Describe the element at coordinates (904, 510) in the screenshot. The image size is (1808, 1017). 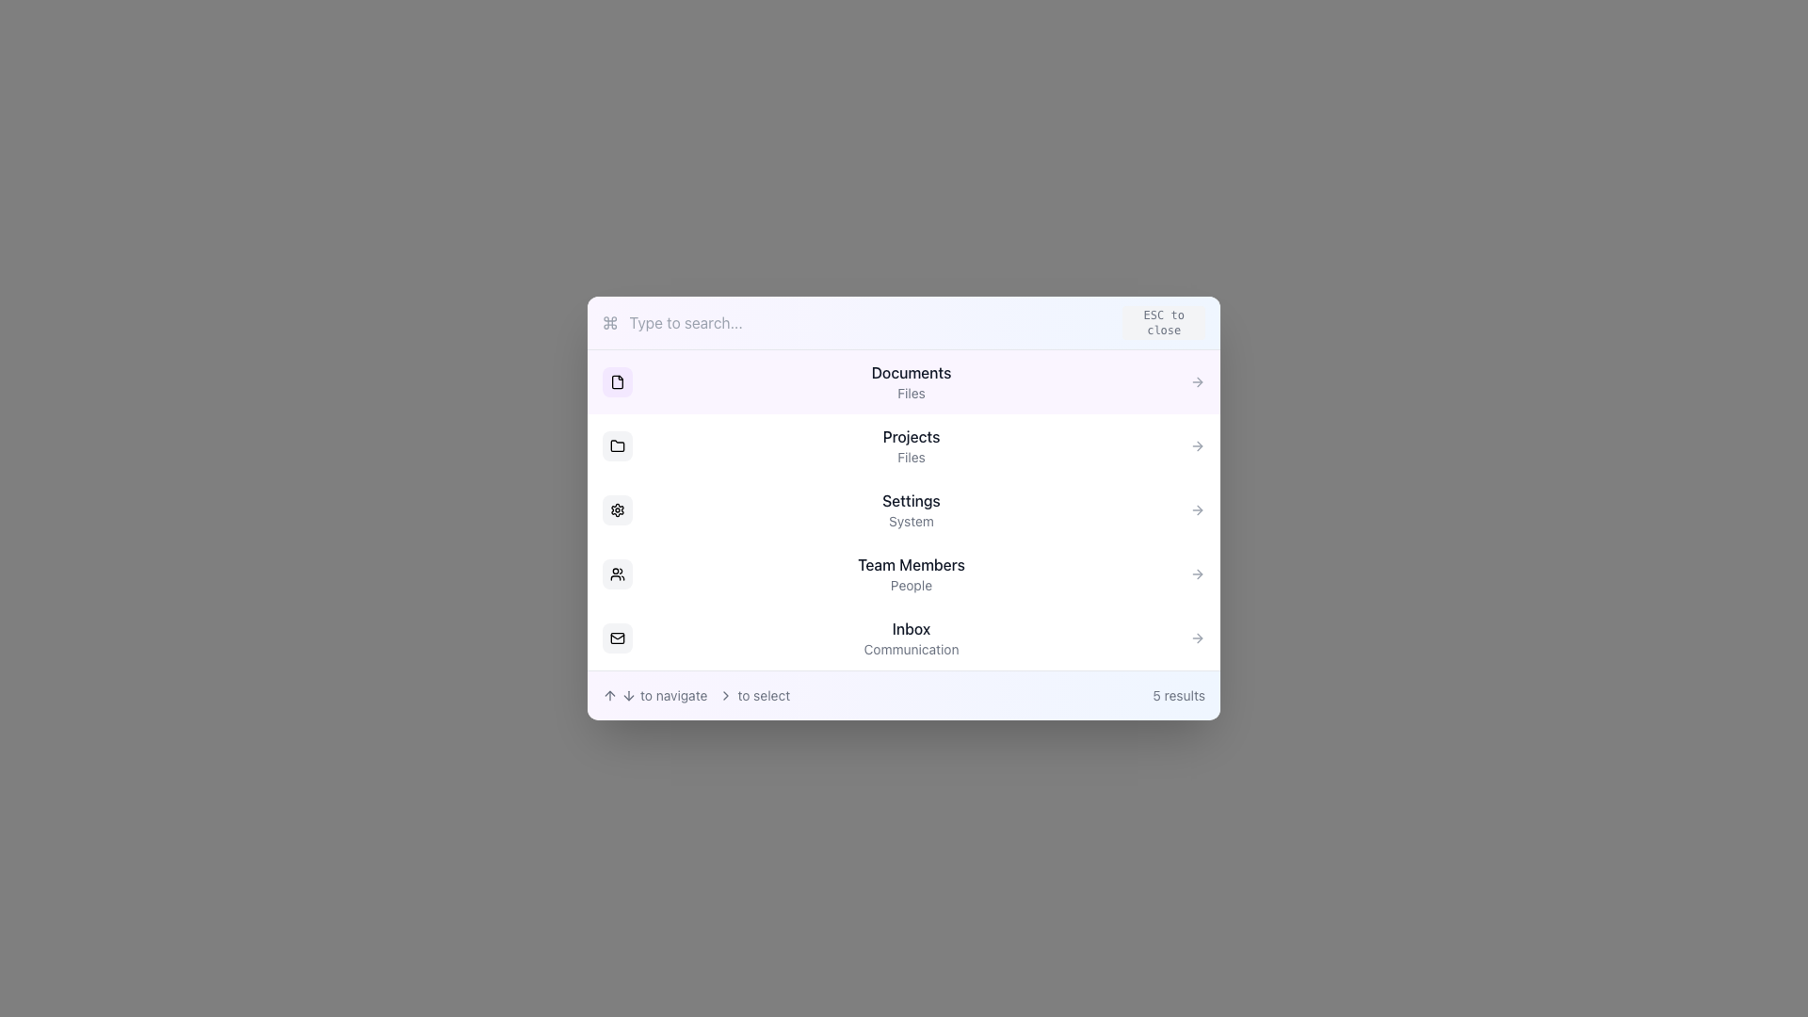
I see `the third menu item labeled 'Settings'` at that location.